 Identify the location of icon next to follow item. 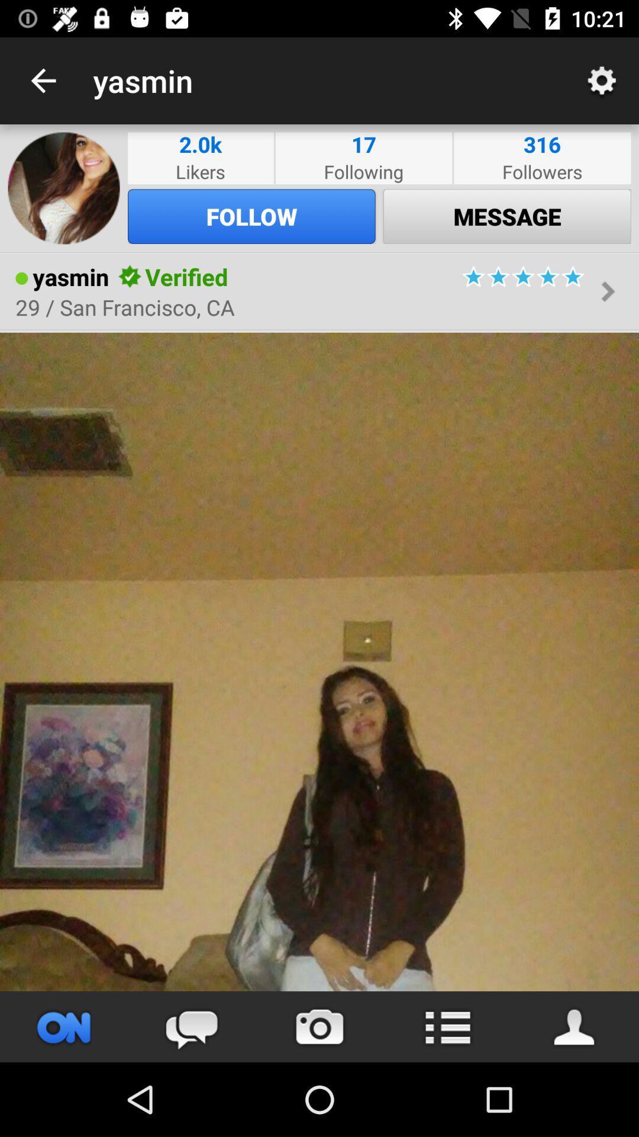
(64, 187).